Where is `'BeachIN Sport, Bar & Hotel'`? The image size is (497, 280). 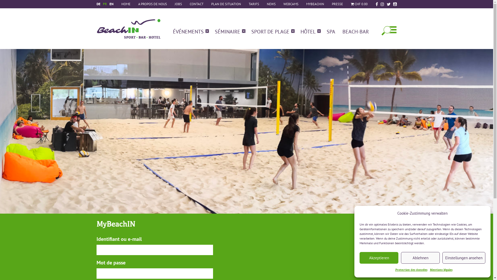 'BeachIN Sport, Bar & Hotel' is located at coordinates (128, 33).